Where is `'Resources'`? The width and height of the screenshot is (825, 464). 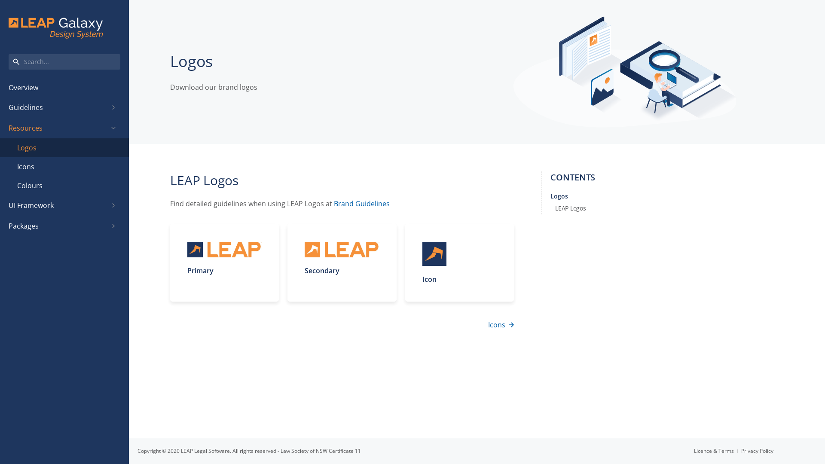
'Resources' is located at coordinates (57, 128).